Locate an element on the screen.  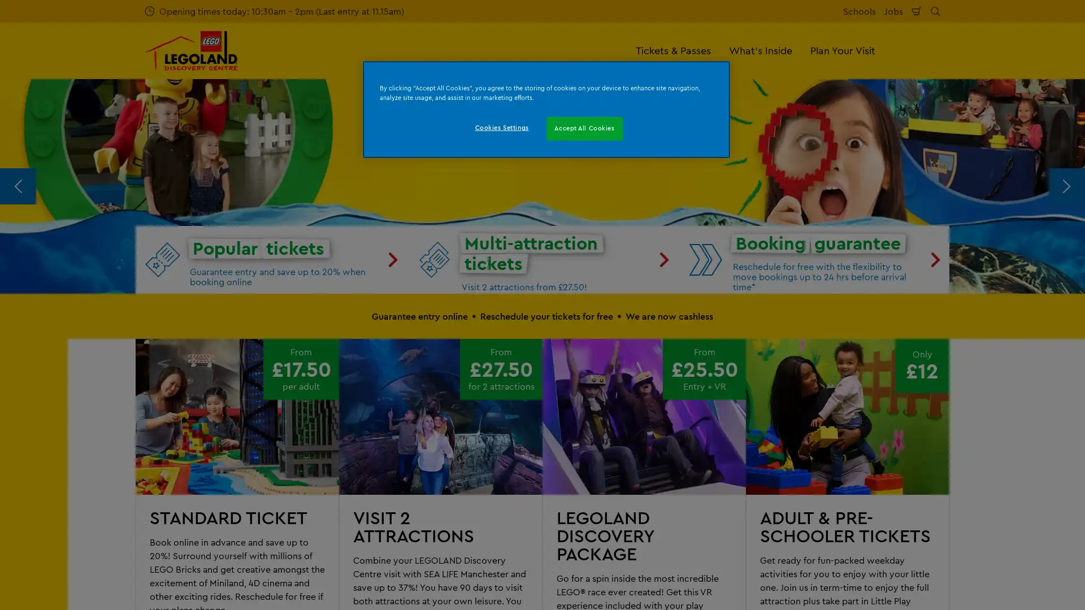
What's Inside is located at coordinates (760, 50).